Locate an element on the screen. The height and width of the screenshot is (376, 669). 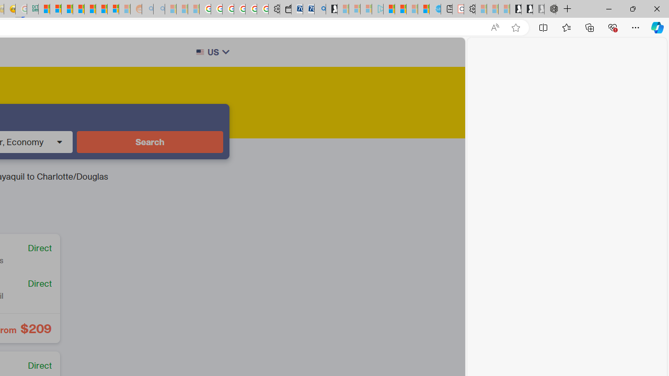
'New Tab' is located at coordinates (567, 9).